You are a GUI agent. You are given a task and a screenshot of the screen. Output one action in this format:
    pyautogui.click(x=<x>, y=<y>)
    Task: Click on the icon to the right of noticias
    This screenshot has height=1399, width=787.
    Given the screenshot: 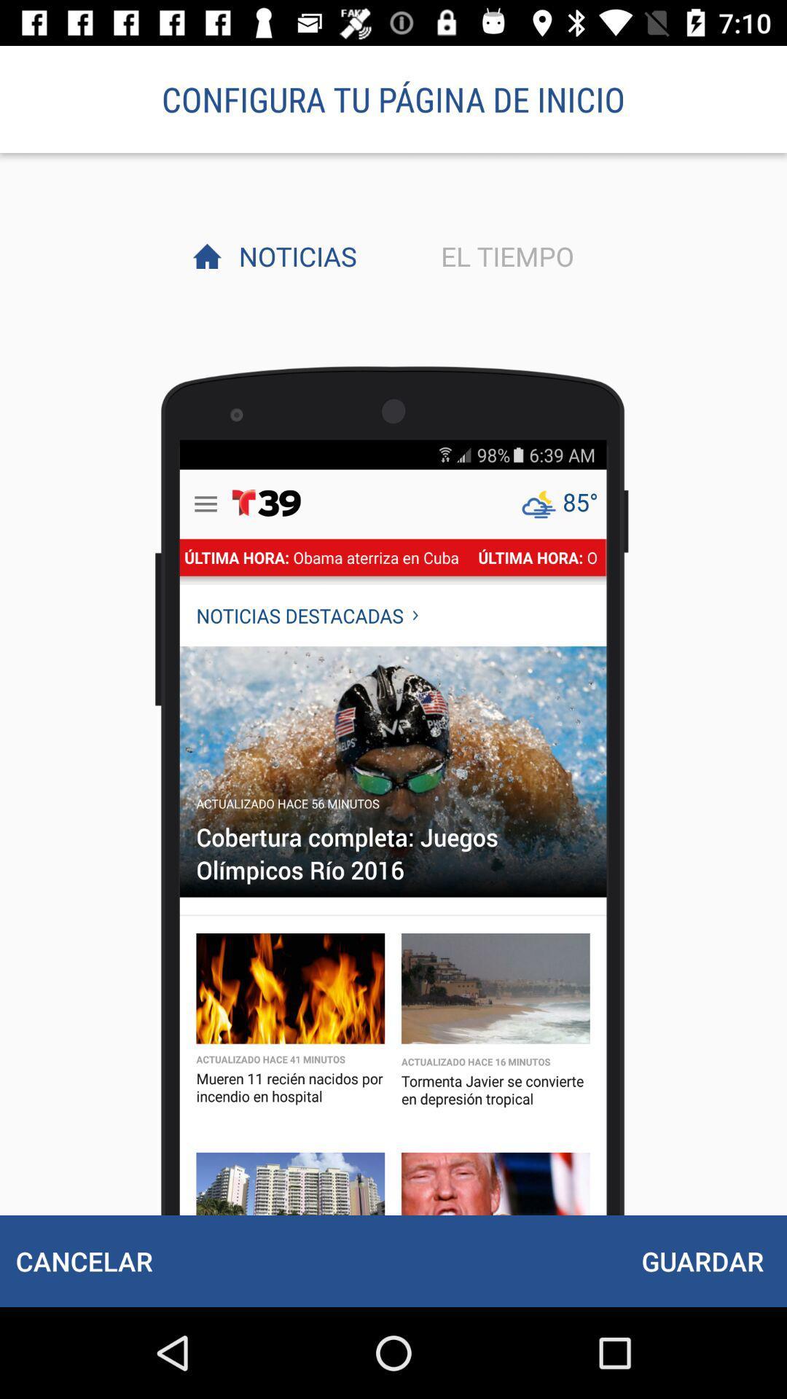 What is the action you would take?
    pyautogui.click(x=503, y=256)
    